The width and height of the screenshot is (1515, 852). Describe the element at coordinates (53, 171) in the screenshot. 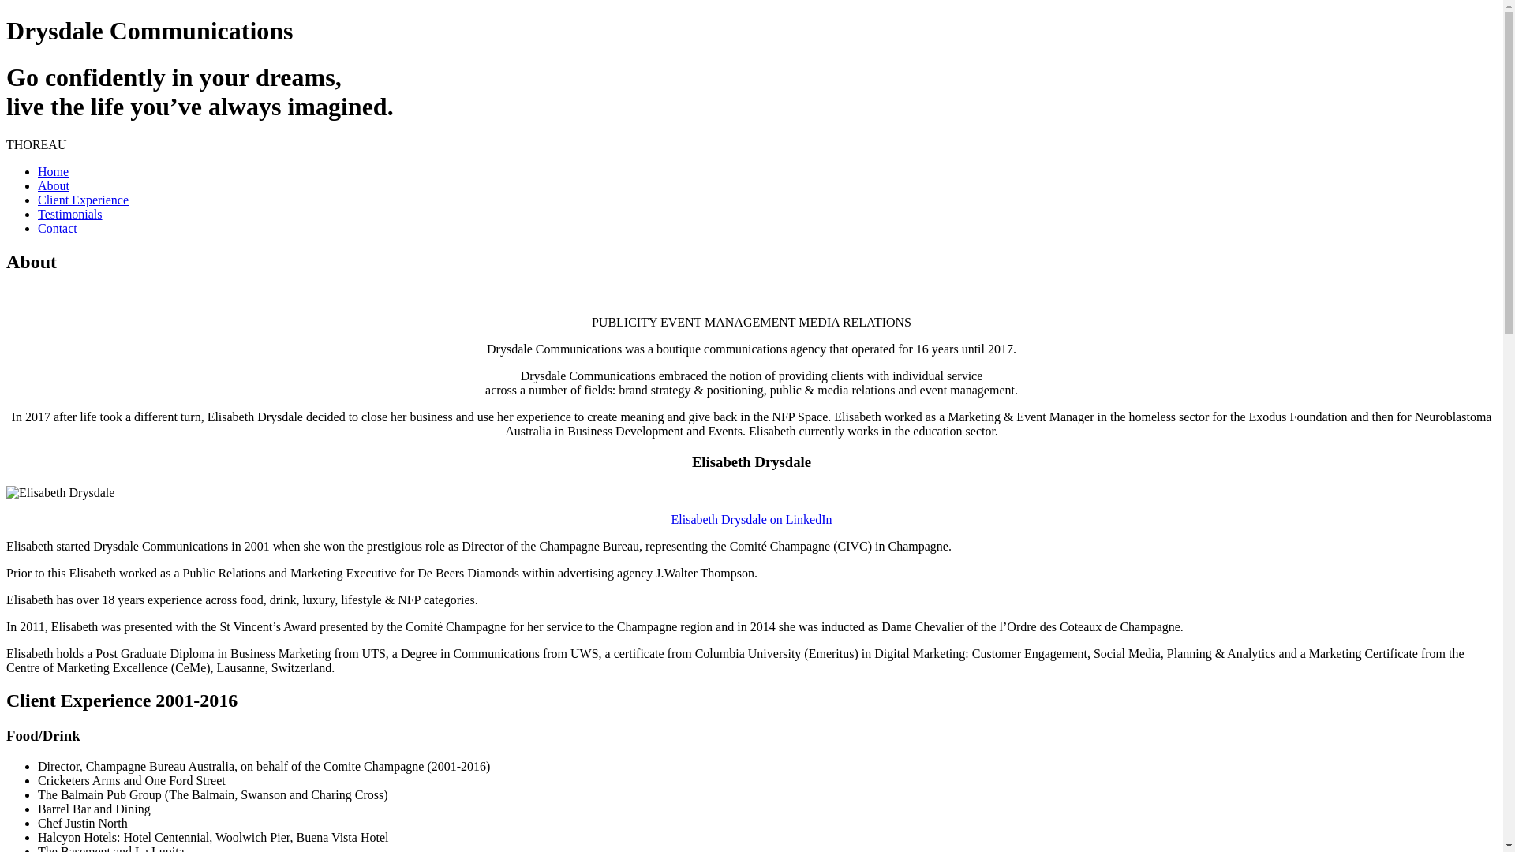

I see `'Home'` at that location.